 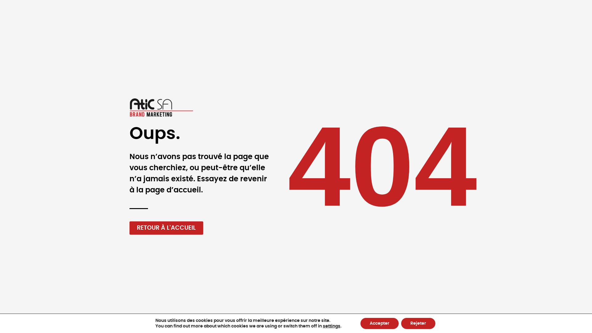 I want to click on 'Rejeter', so click(x=401, y=323).